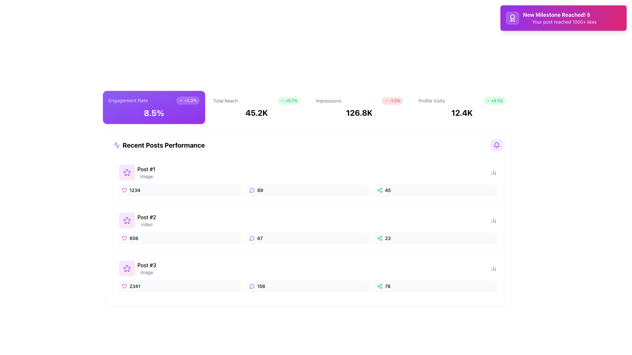  Describe the element at coordinates (134, 286) in the screenshot. I see `numeric statistic displayed in the Text label associated with 'Post #3' in the 'Recent Posts Performance' section, which is located to the right of a pink heart icon` at that location.